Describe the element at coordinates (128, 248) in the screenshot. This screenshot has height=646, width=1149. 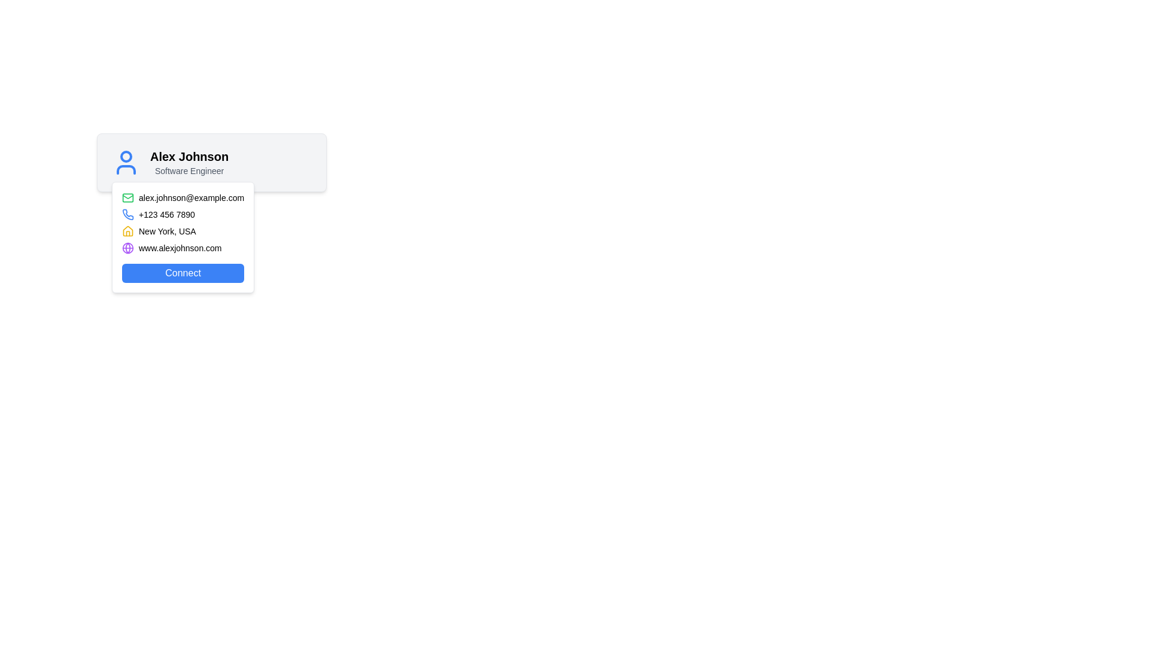
I see `the purple globe icon located to the left of the website address 'www.alexjohnson.com'` at that location.